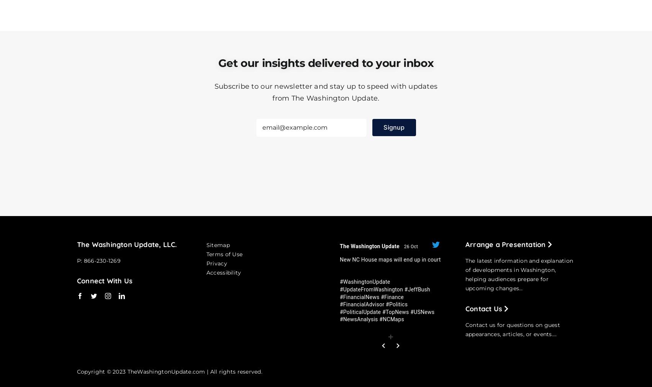 This screenshot has height=387, width=652. What do you see at coordinates (206, 263) in the screenshot?
I see `'Privacy'` at bounding box center [206, 263].